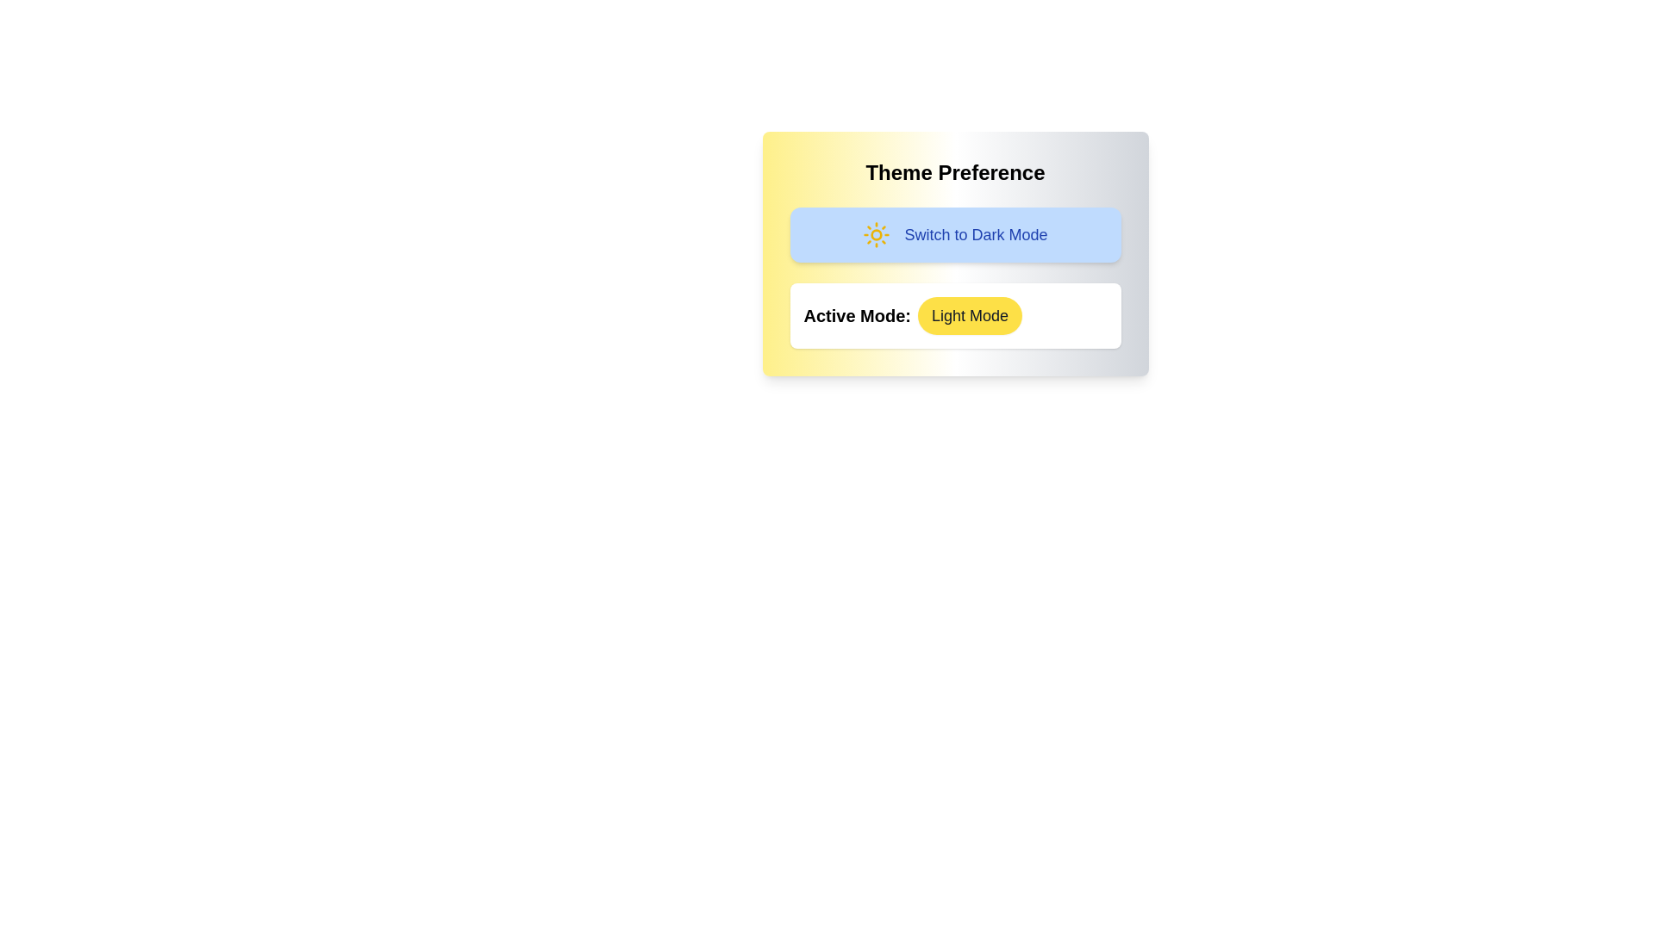 The image size is (1655, 930). Describe the element at coordinates (877, 235) in the screenshot. I see `the small circular sun icon, which is the core of the sun-shaped icon located inside the blue button labeled 'Switch to Dark Mode', centered at the top of the card labeled 'Theme Preference'` at that location.